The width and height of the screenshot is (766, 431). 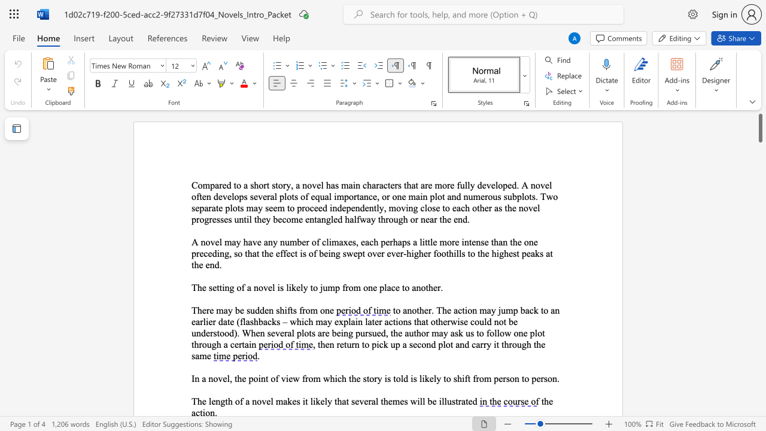 What do you see at coordinates (269, 287) in the screenshot?
I see `the 3th character "e" in the text` at bounding box center [269, 287].